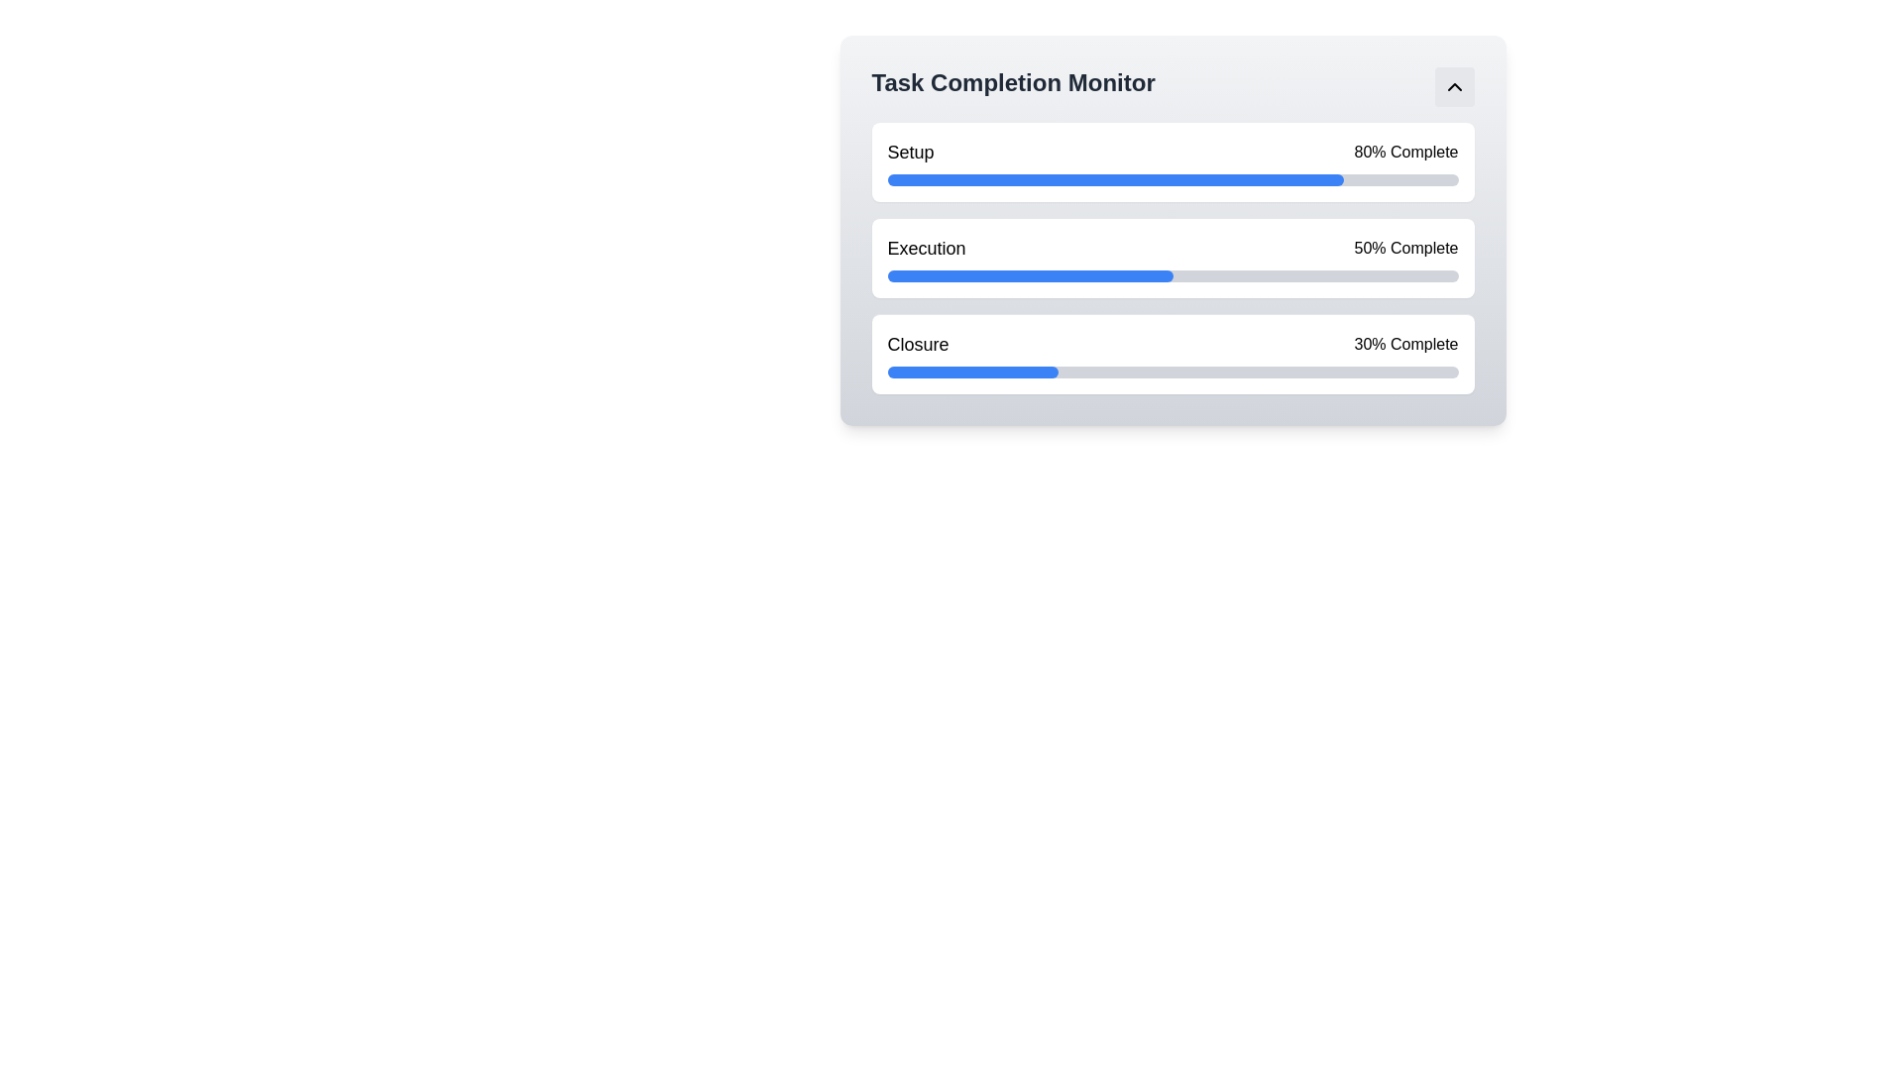 This screenshot has height=1070, width=1903. I want to click on the progress bar indicating 'Setup' which shows 80% completion, located in the first section of the task completion monitor interface, so click(1173, 179).